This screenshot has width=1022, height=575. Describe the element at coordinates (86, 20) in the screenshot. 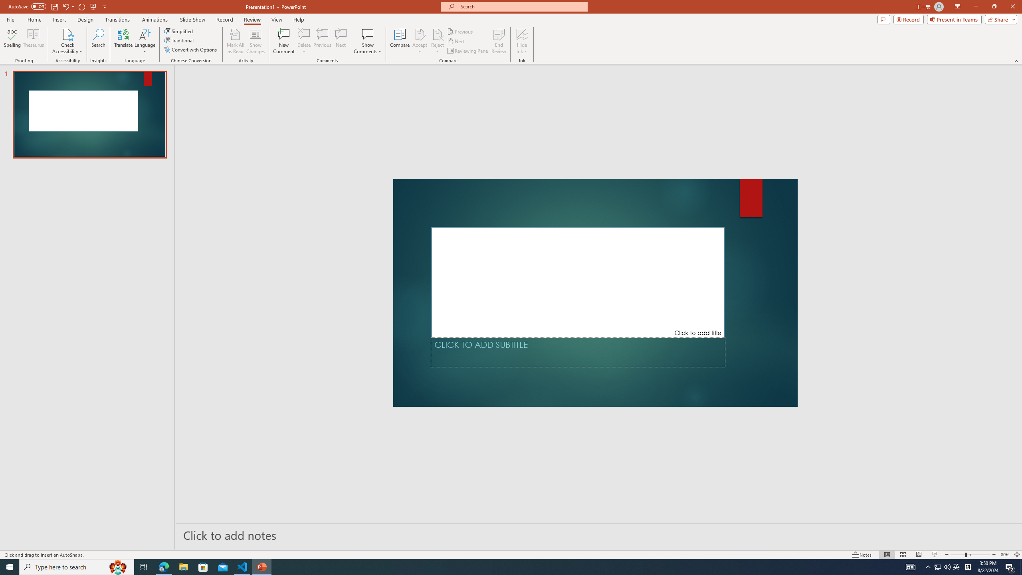

I see `'Design'` at that location.